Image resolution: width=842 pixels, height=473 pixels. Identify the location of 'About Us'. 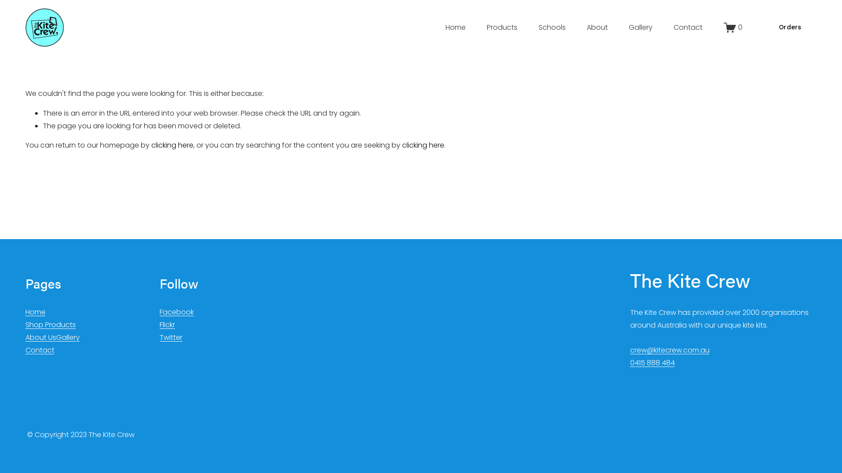
(40, 337).